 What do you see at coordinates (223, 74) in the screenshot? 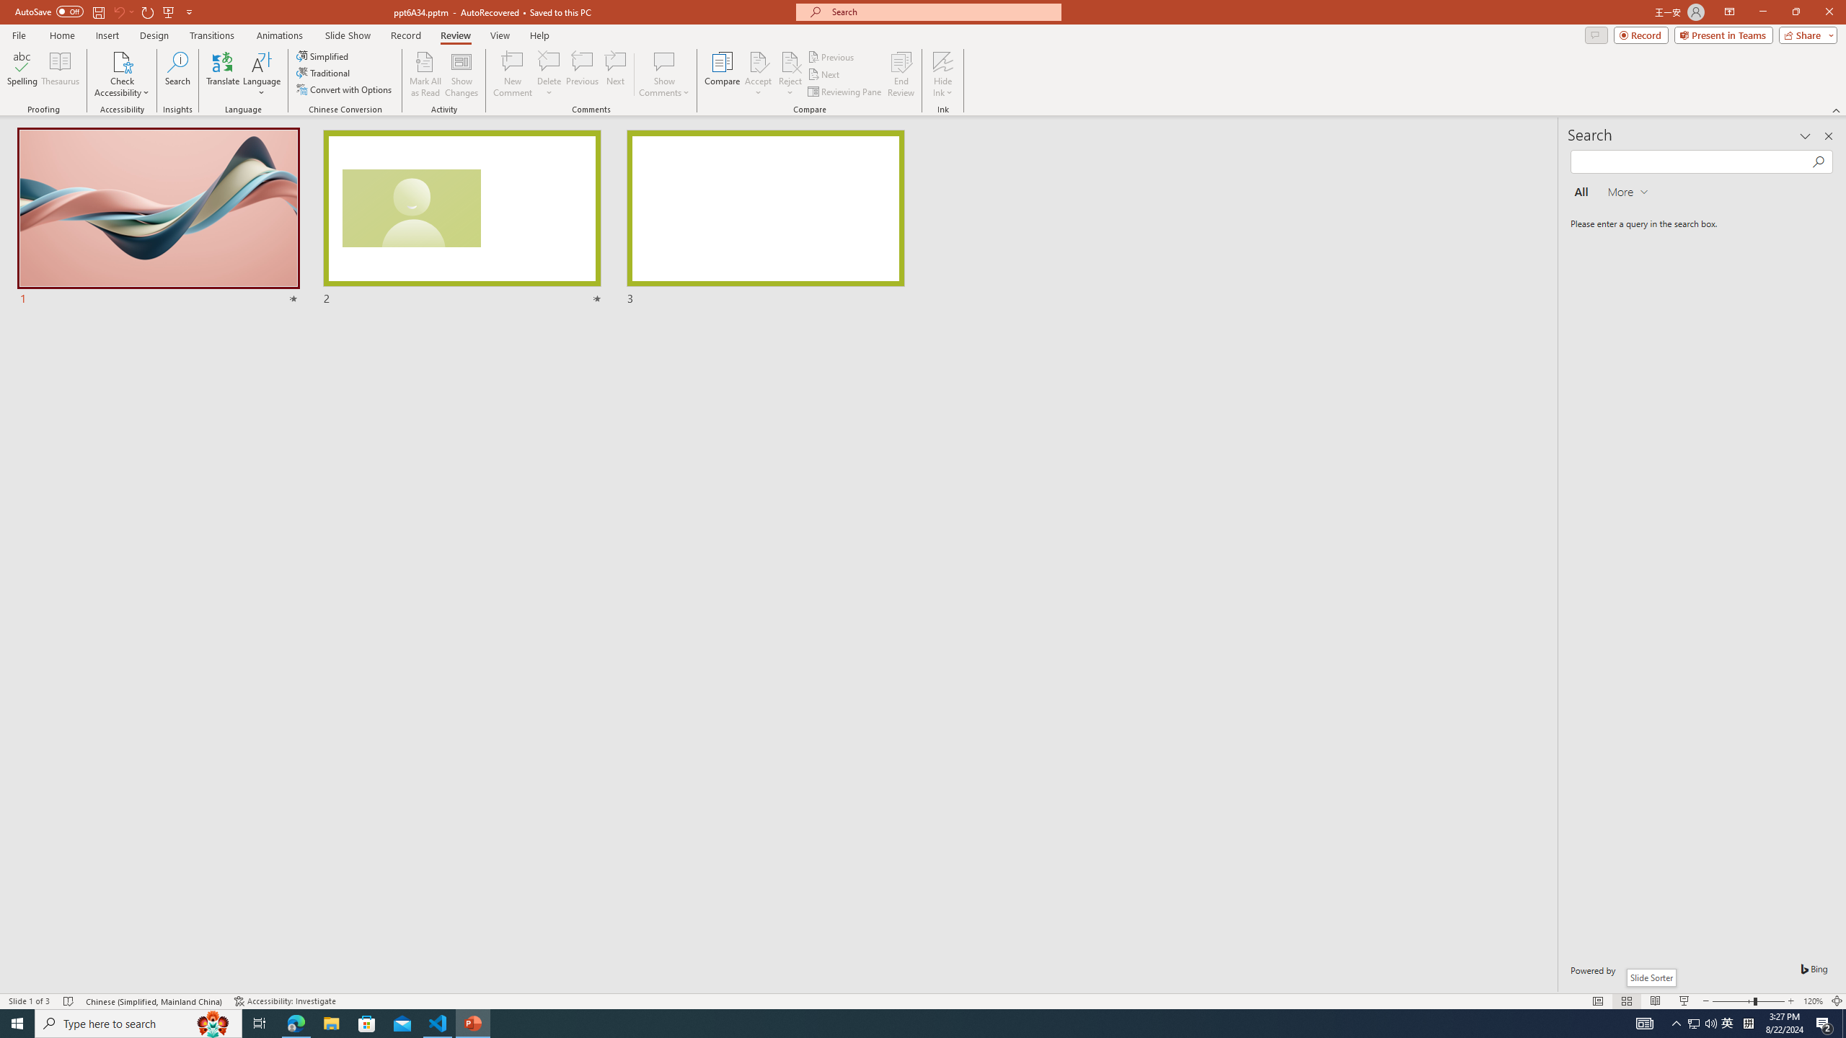
I see `'Translate'` at bounding box center [223, 74].